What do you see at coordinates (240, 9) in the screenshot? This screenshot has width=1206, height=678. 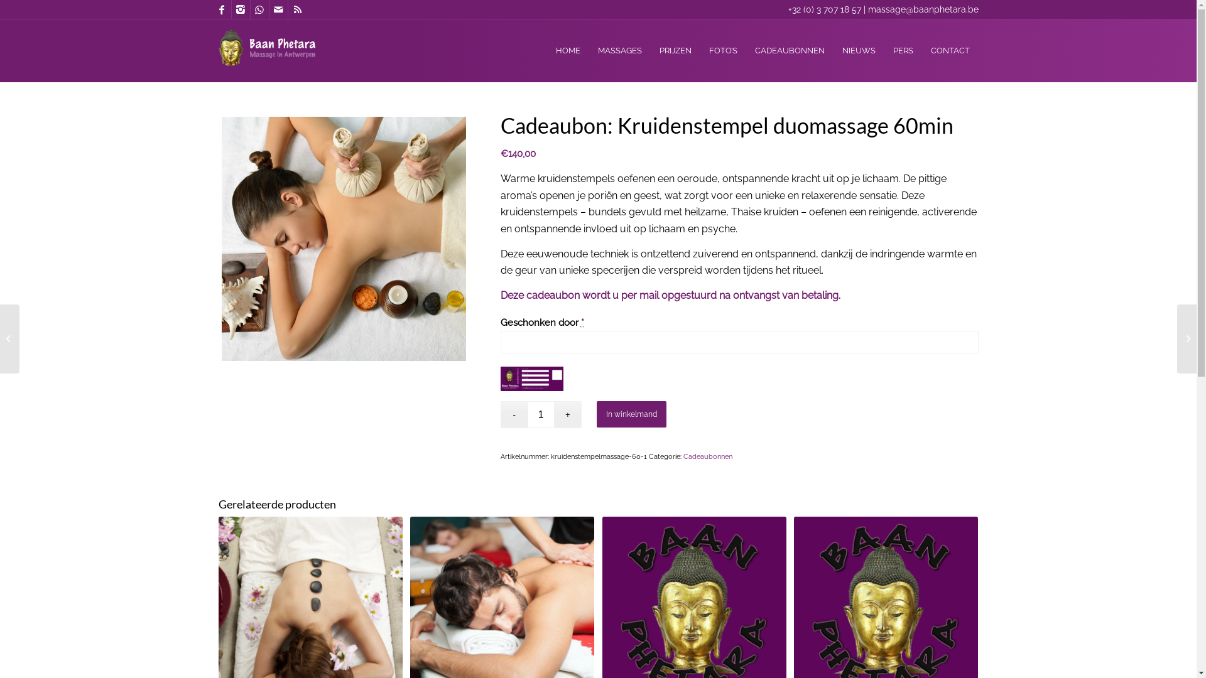 I see `'Instagram'` at bounding box center [240, 9].